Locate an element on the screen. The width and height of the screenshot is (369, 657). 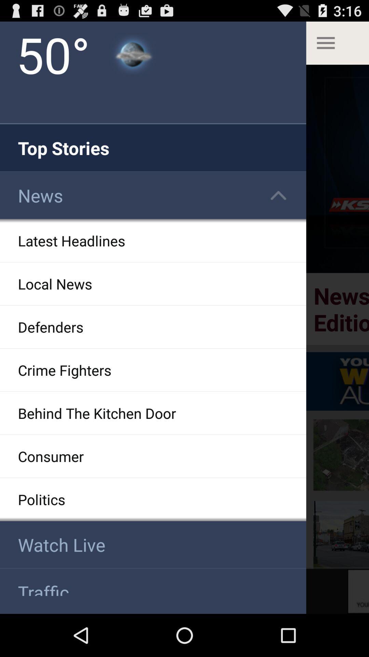
the first image on the bottom right corner is located at coordinates (341, 534).